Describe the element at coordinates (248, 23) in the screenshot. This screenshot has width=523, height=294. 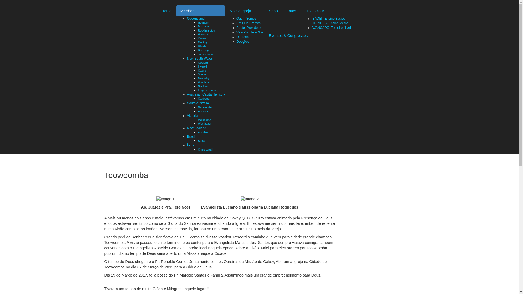
I see `'Em Que Cremos'` at that location.